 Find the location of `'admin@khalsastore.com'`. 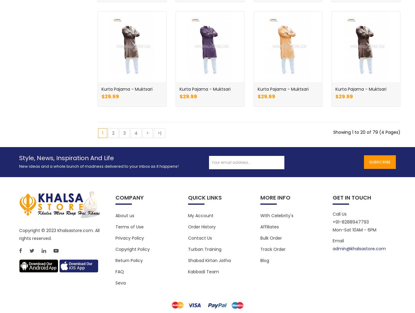

'admin@khalsastore.com' is located at coordinates (359, 249).